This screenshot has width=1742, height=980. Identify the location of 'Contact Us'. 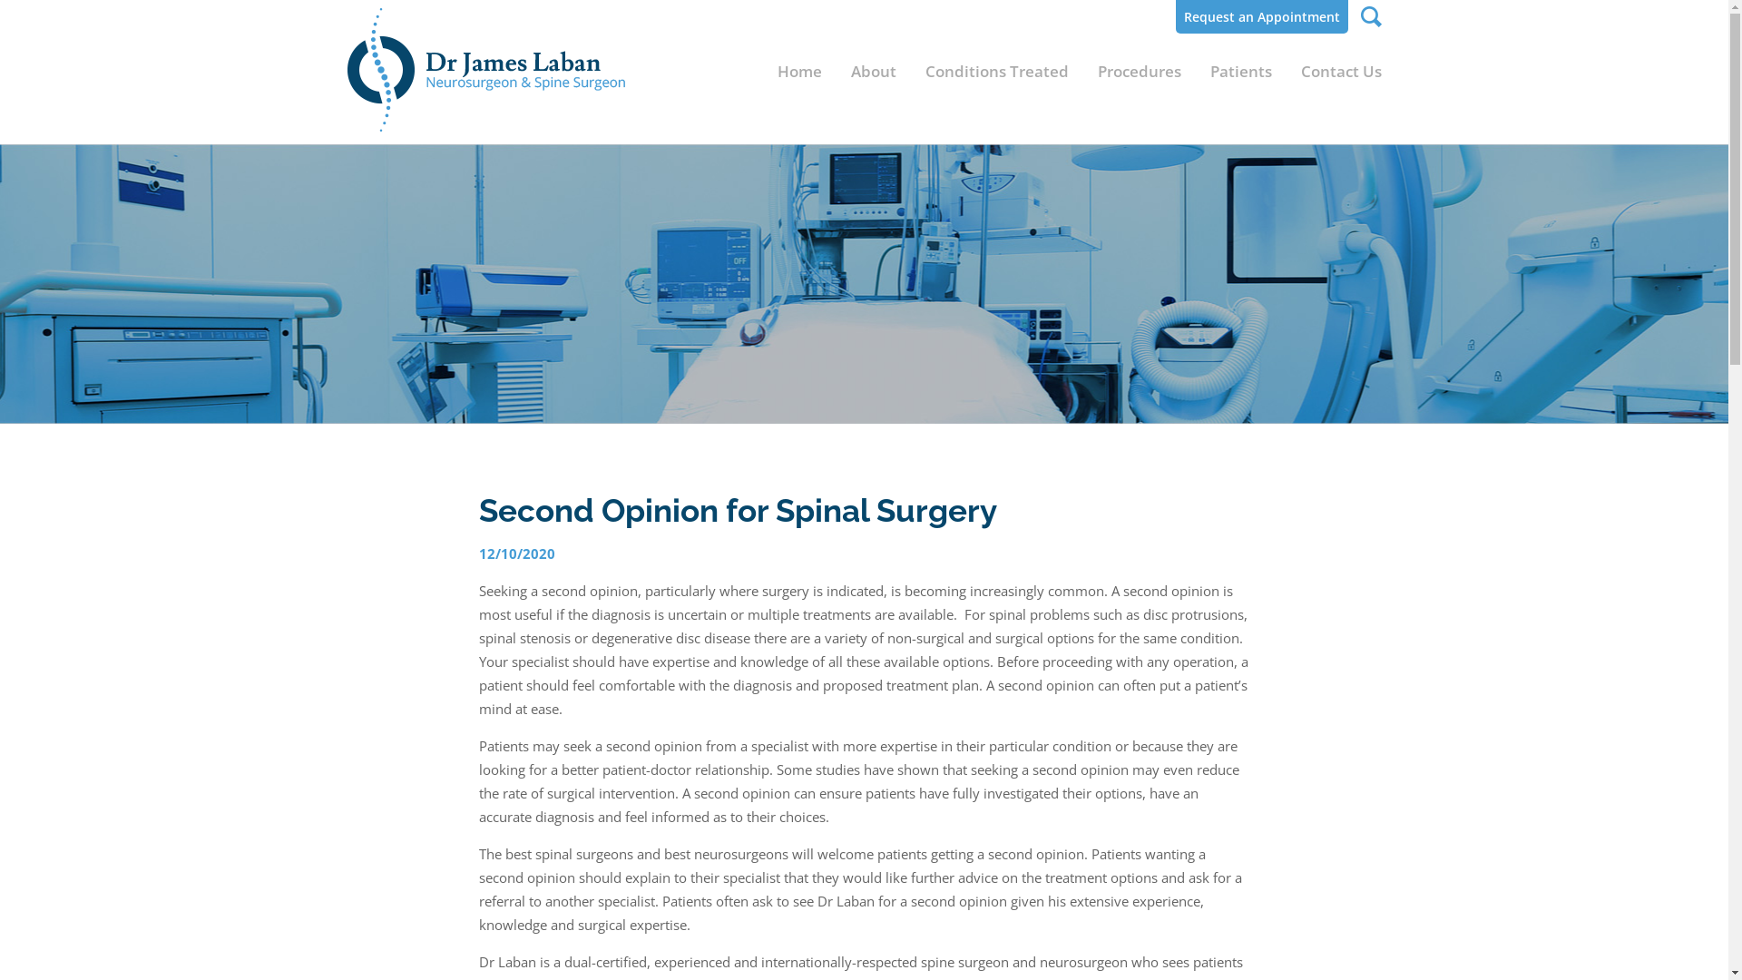
(1334, 70).